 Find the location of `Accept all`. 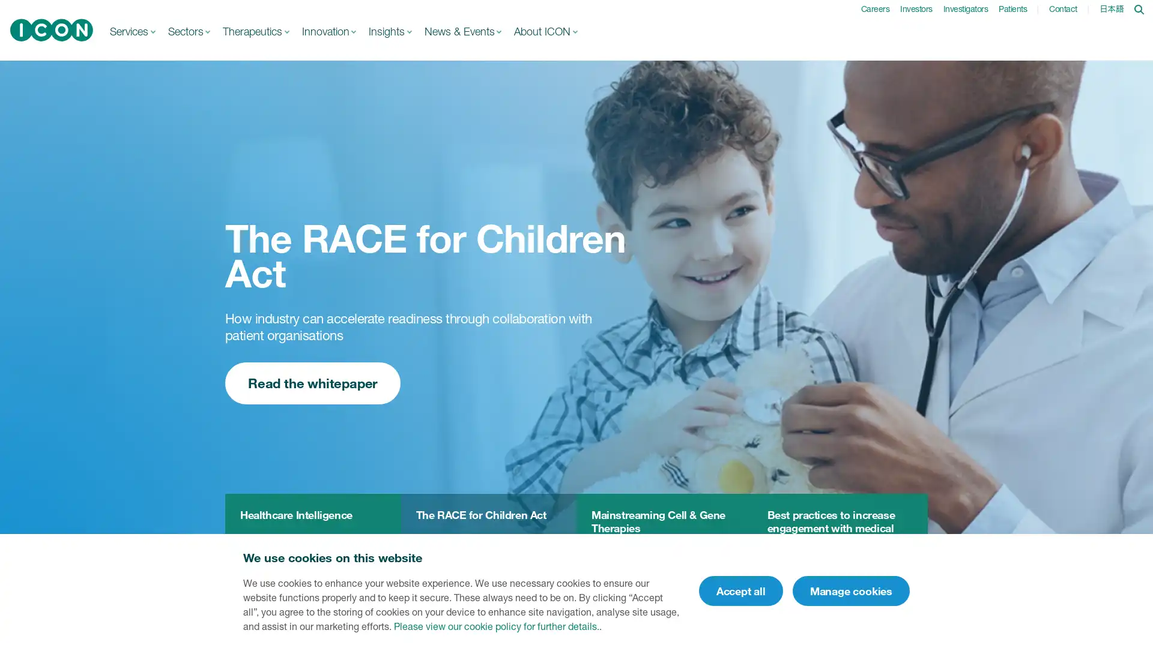

Accept all is located at coordinates (740, 590).